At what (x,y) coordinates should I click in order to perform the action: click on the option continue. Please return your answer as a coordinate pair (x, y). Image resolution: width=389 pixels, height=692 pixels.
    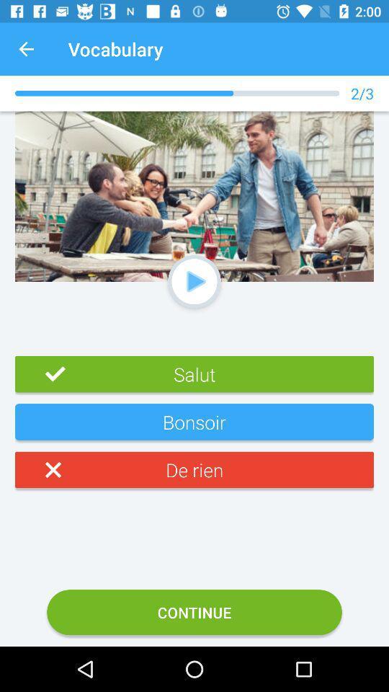
    Looking at the image, I should click on (194, 611).